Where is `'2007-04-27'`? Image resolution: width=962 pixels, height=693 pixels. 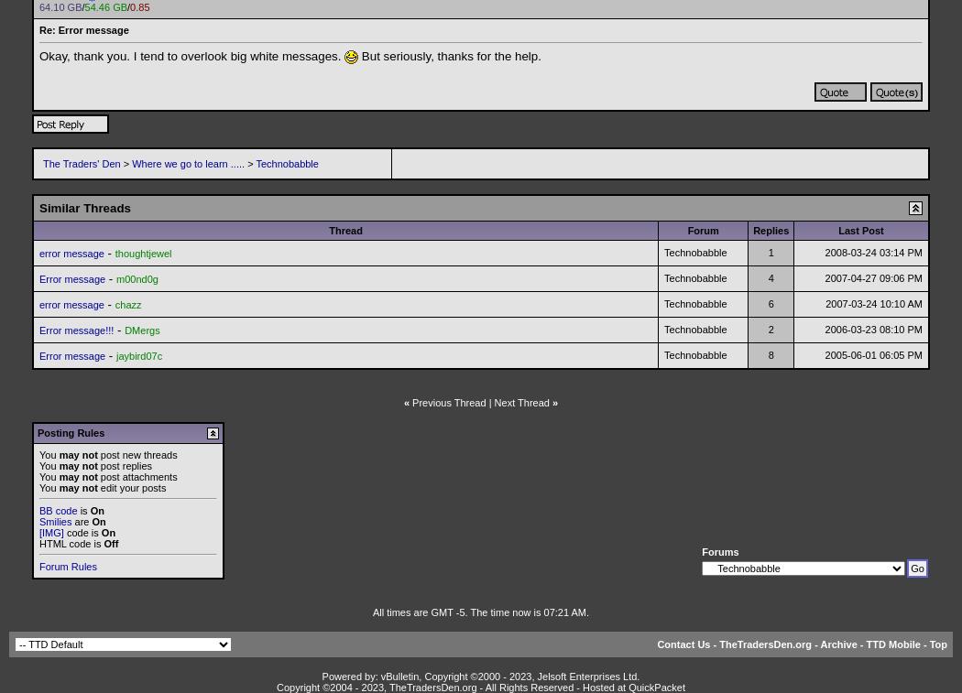
'2007-04-27' is located at coordinates (851, 277).